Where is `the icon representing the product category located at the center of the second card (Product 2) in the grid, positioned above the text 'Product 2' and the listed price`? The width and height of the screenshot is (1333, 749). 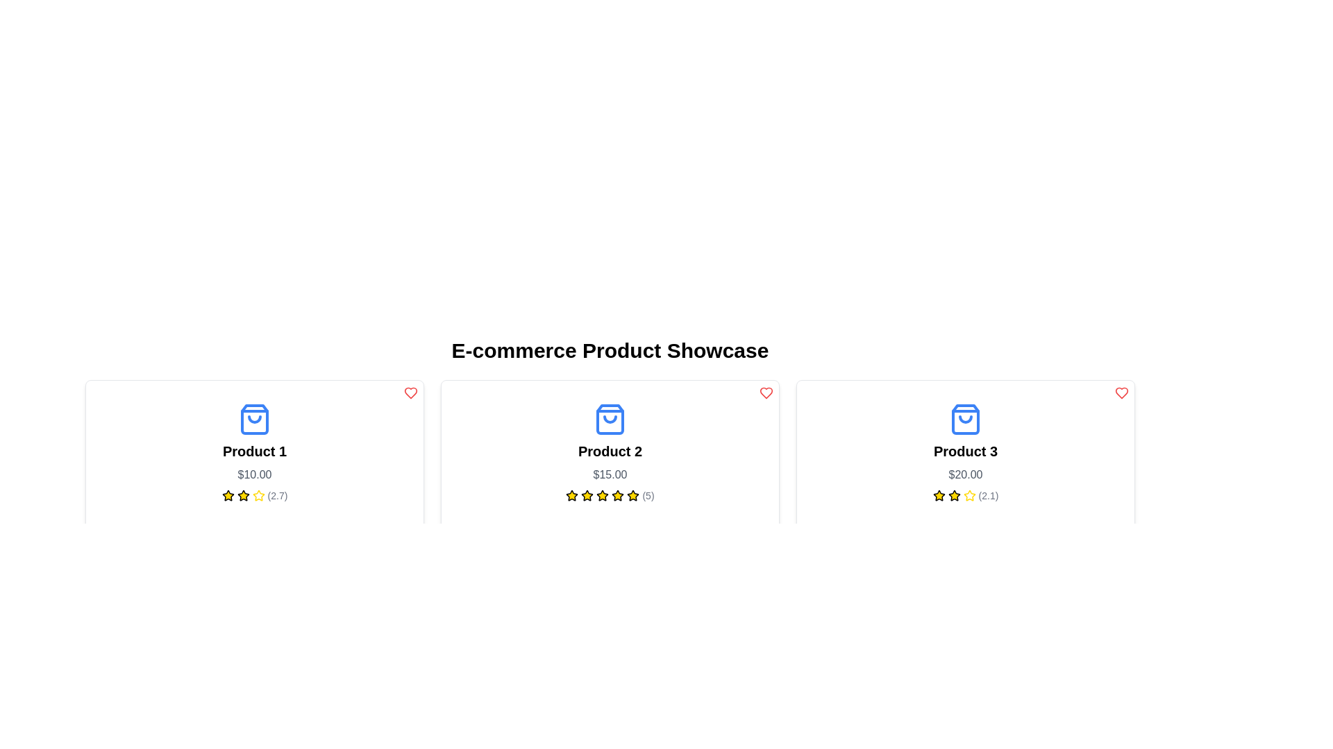
the icon representing the product category located at the center of the second card (Product 2) in the grid, positioned above the text 'Product 2' and the listed price is located at coordinates (610, 419).